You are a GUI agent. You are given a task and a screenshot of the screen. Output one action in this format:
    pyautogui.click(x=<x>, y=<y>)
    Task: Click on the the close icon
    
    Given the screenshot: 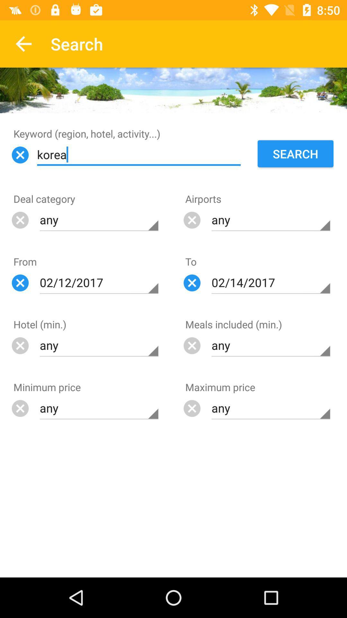 What is the action you would take?
    pyautogui.click(x=191, y=283)
    